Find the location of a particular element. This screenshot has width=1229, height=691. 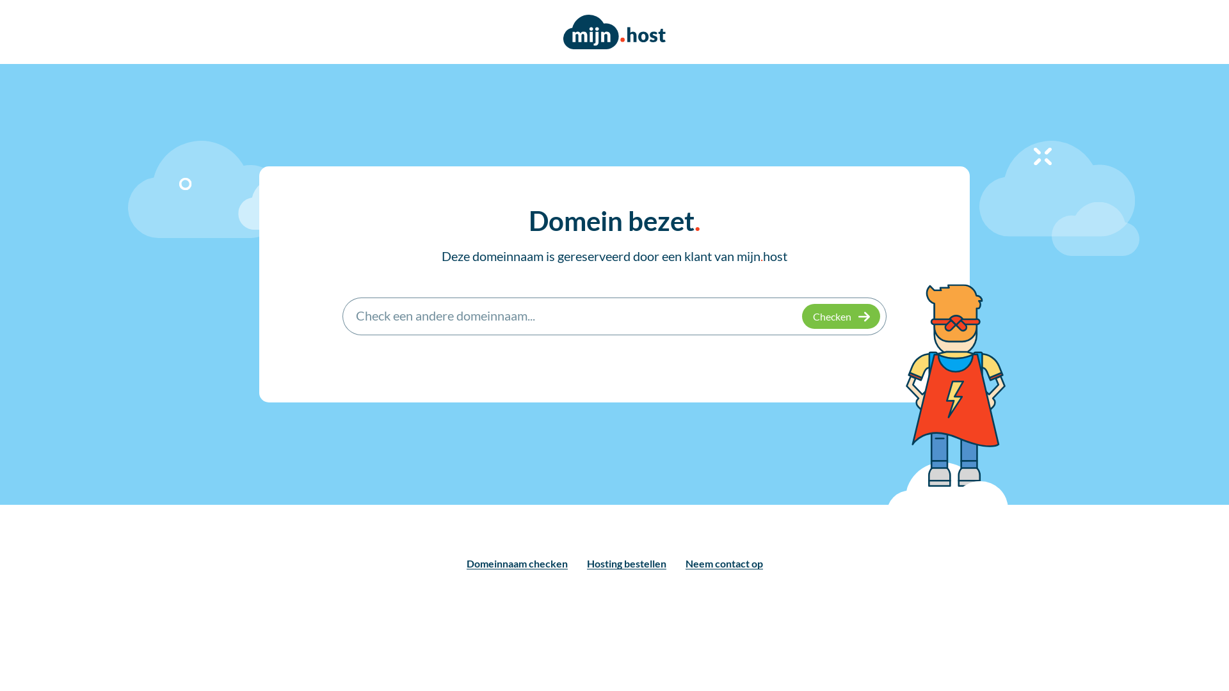

'Domeinnaam checken' is located at coordinates (516, 562).